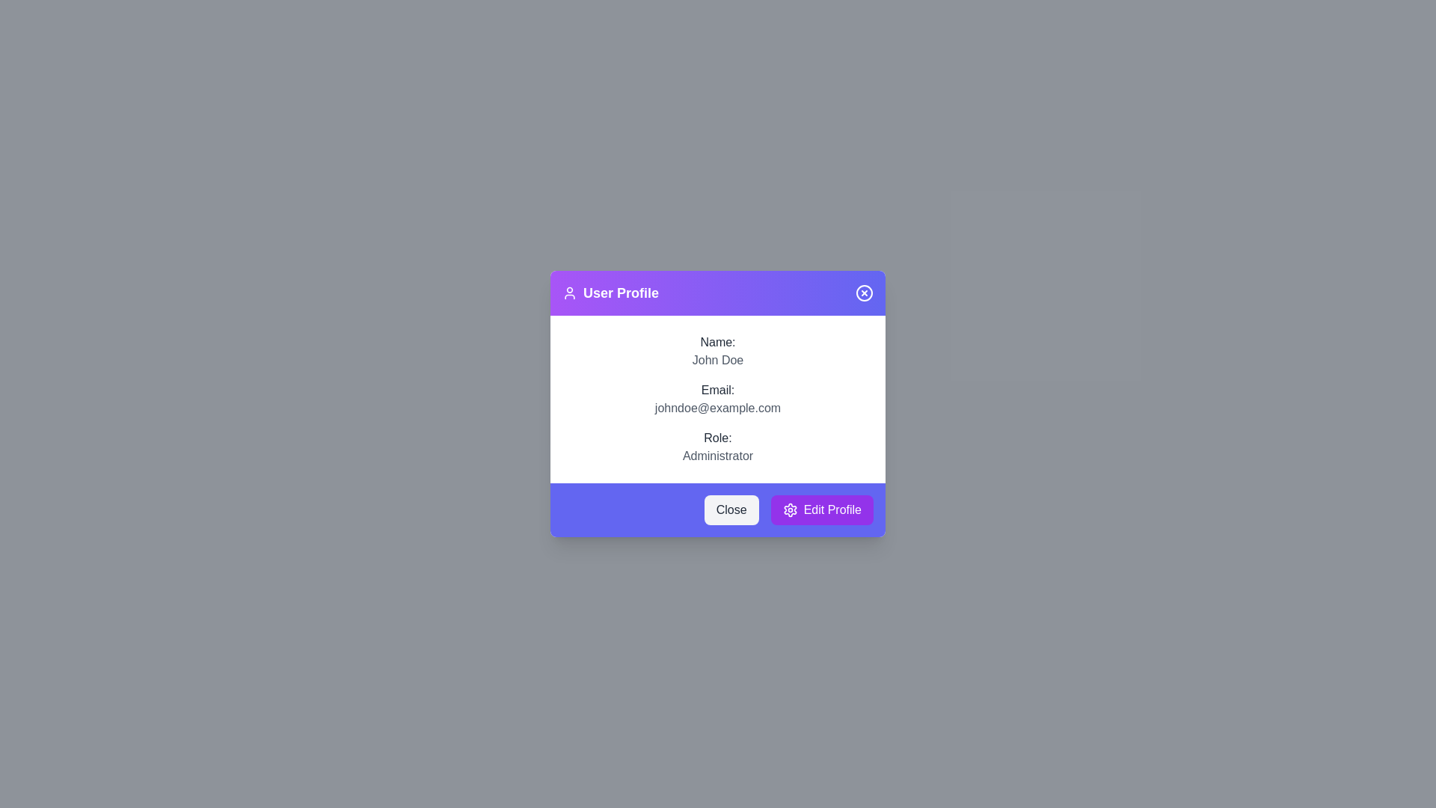 The height and width of the screenshot is (808, 1436). Describe the element at coordinates (731, 509) in the screenshot. I see `the 'Close' button located at the bottom-left corner of the footer section of the modal dialog box` at that location.